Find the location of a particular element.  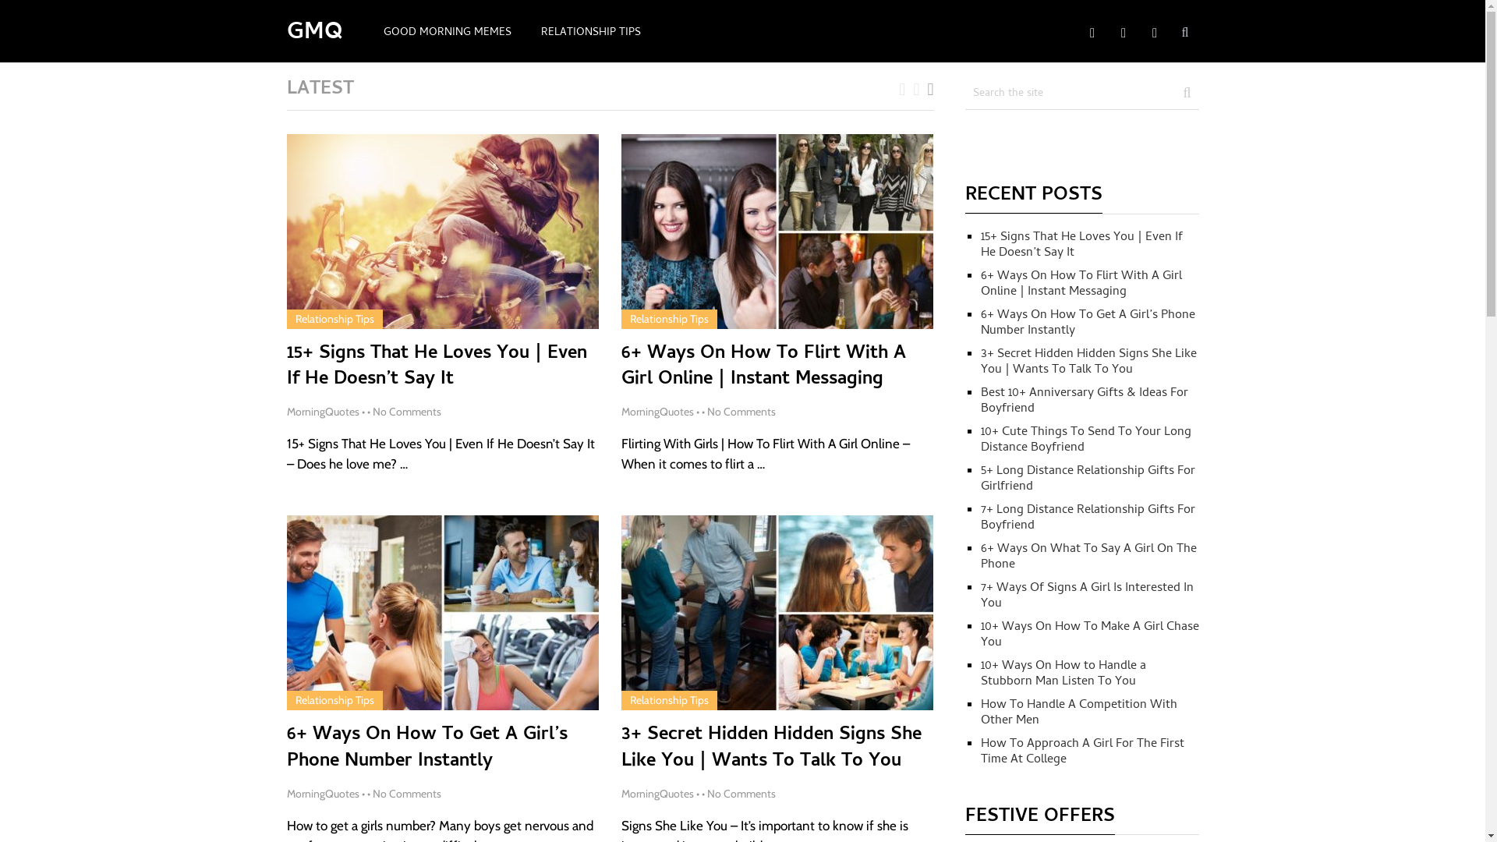

'Relationship Tips' is located at coordinates (629, 317).